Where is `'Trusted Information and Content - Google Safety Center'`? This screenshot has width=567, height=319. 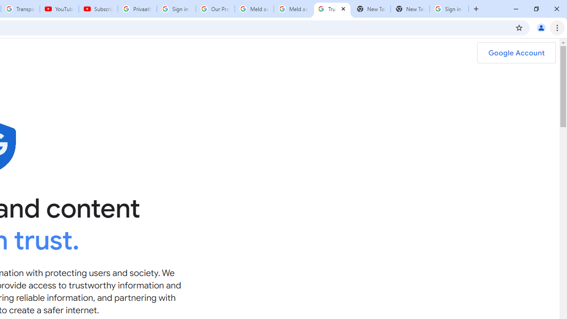
'Trusted Information and Content - Google Safety Center' is located at coordinates (332, 9).